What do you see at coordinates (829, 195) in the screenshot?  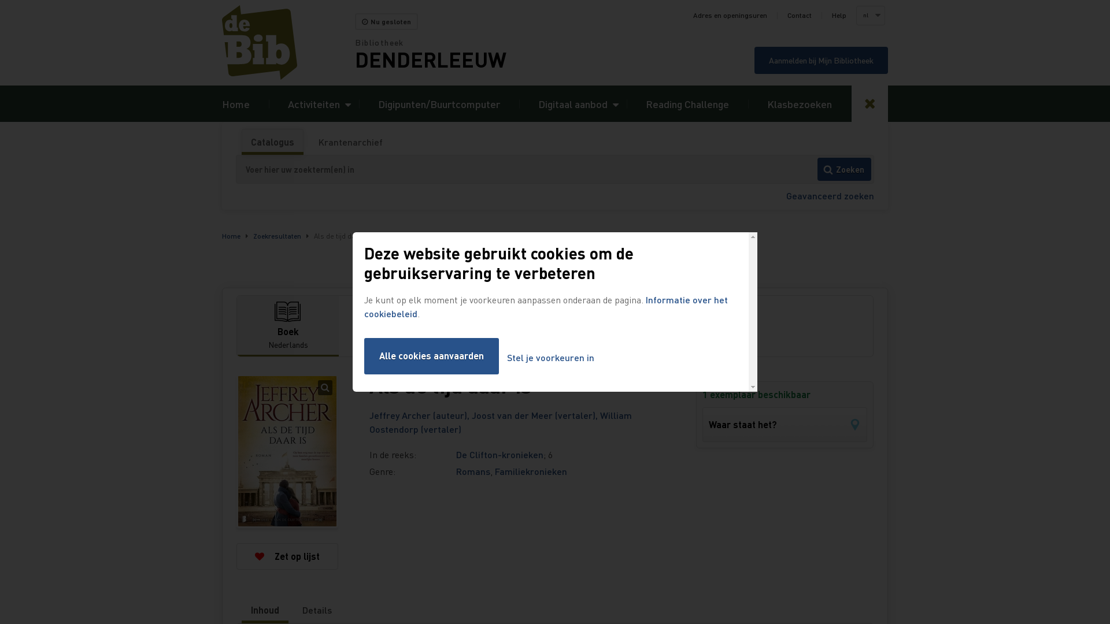 I see `'Geavanceerd zoeken'` at bounding box center [829, 195].